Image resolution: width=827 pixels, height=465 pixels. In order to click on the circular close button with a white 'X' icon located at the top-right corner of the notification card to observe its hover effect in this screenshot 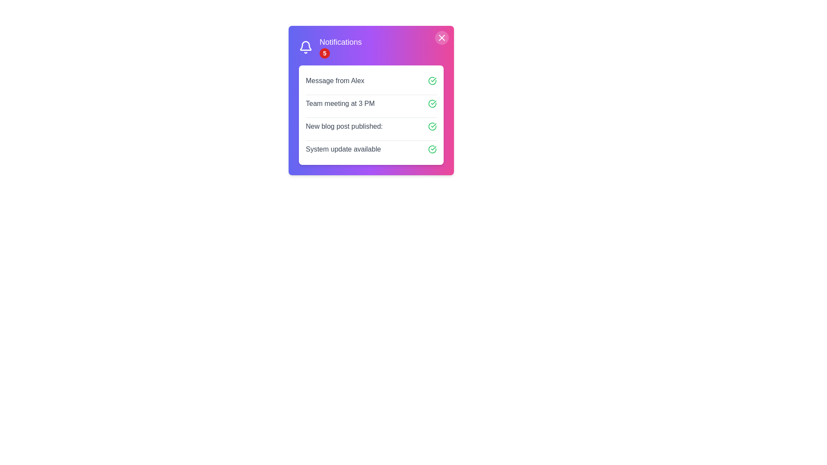, I will do `click(442, 37)`.